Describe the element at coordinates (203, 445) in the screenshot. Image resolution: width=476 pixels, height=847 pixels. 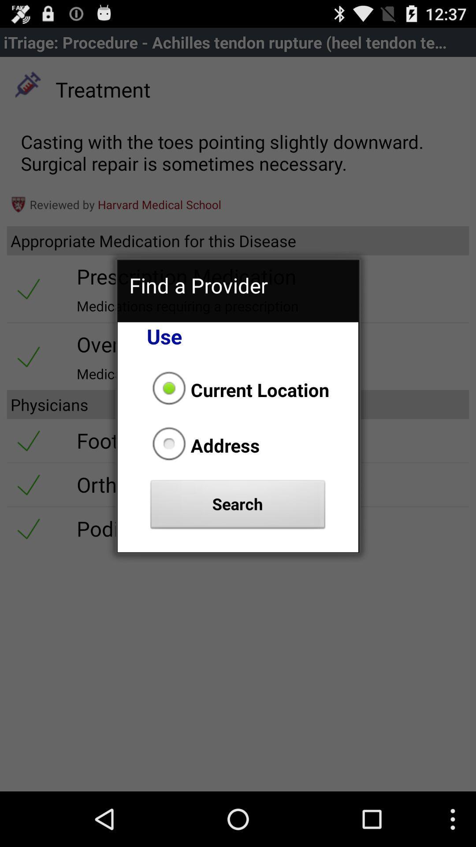
I see `the address radio button` at that location.